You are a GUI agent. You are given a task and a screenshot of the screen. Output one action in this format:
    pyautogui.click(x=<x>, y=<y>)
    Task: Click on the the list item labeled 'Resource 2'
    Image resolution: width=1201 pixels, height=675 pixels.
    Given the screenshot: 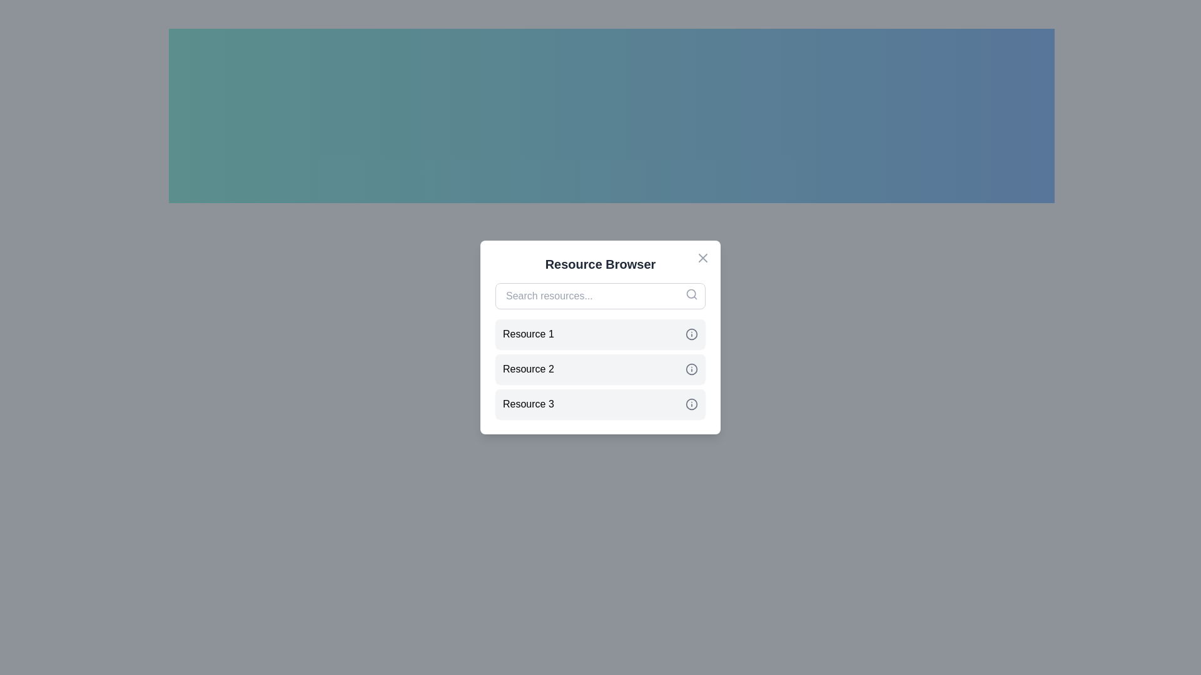 What is the action you would take?
    pyautogui.click(x=600, y=368)
    